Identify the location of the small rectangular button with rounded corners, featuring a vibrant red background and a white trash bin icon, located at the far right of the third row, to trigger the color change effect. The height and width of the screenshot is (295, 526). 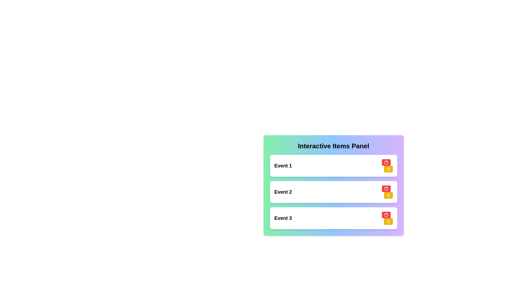
(386, 214).